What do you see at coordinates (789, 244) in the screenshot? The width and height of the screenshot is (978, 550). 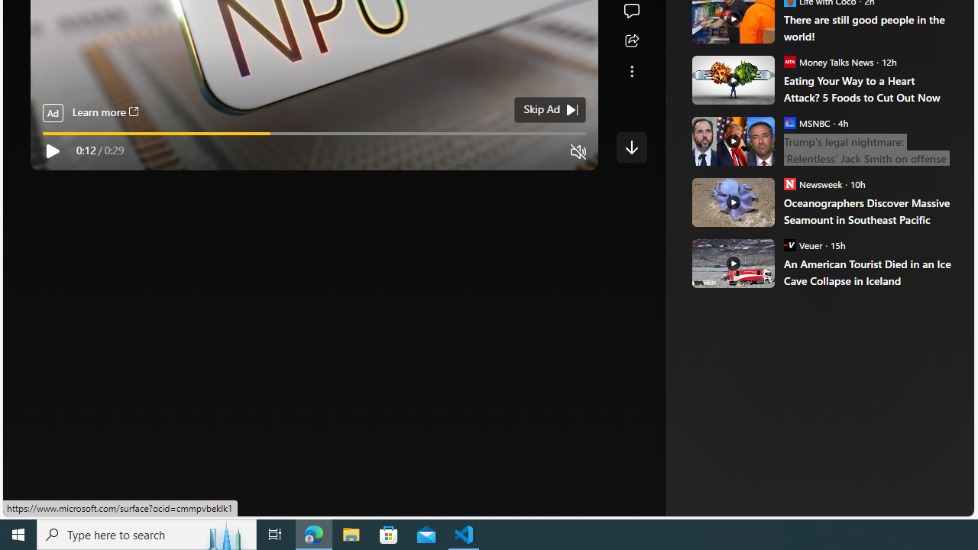 I see `'Veuer'` at bounding box center [789, 244].